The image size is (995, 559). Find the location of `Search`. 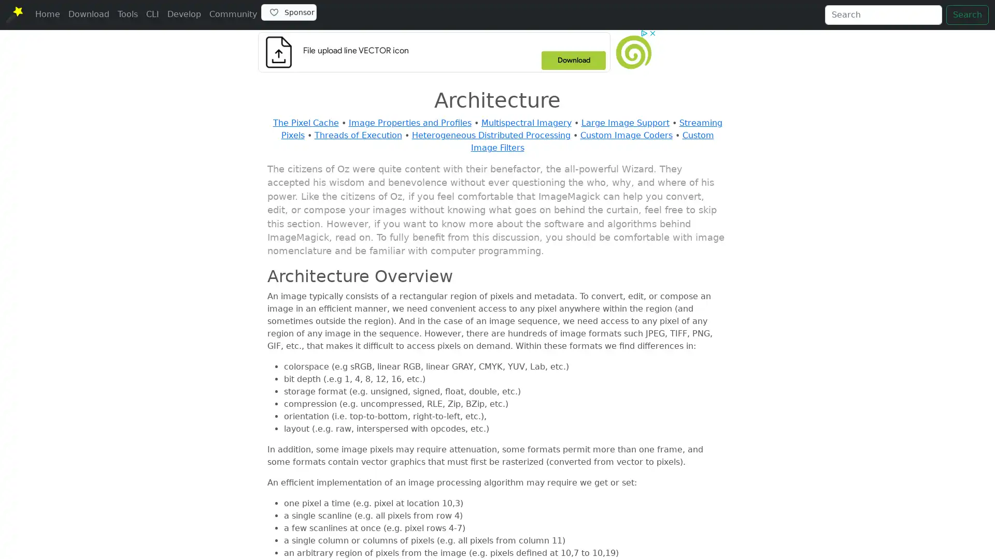

Search is located at coordinates (967, 15).